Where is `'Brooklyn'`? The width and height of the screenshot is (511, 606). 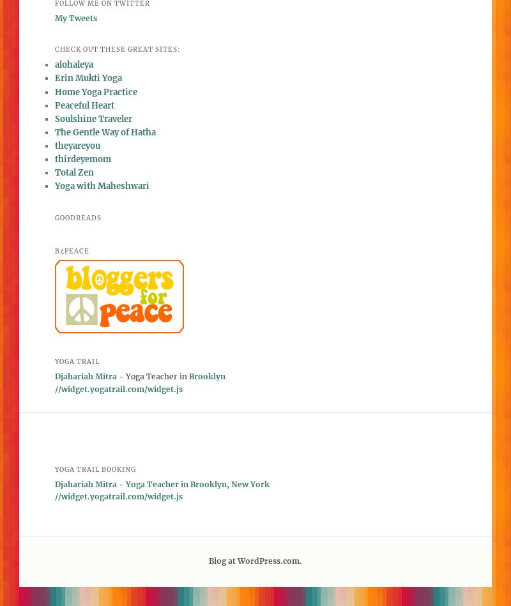 'Brooklyn' is located at coordinates (206, 375).